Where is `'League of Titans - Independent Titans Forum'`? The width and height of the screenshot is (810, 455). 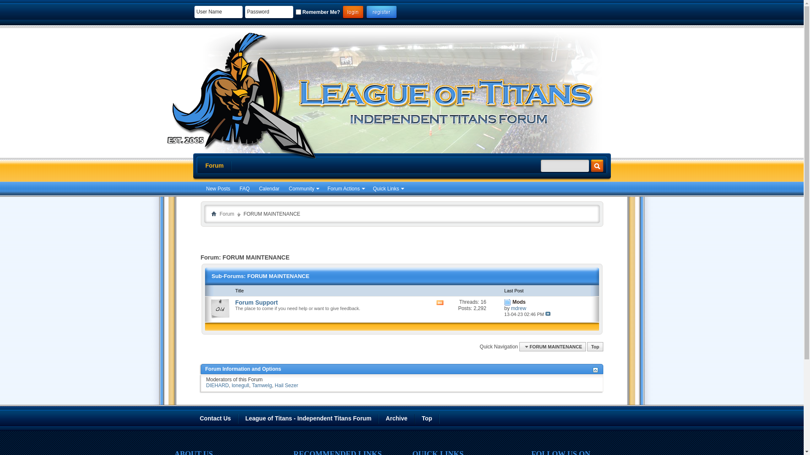
'League of Titans - Independent Titans Forum' is located at coordinates (308, 418).